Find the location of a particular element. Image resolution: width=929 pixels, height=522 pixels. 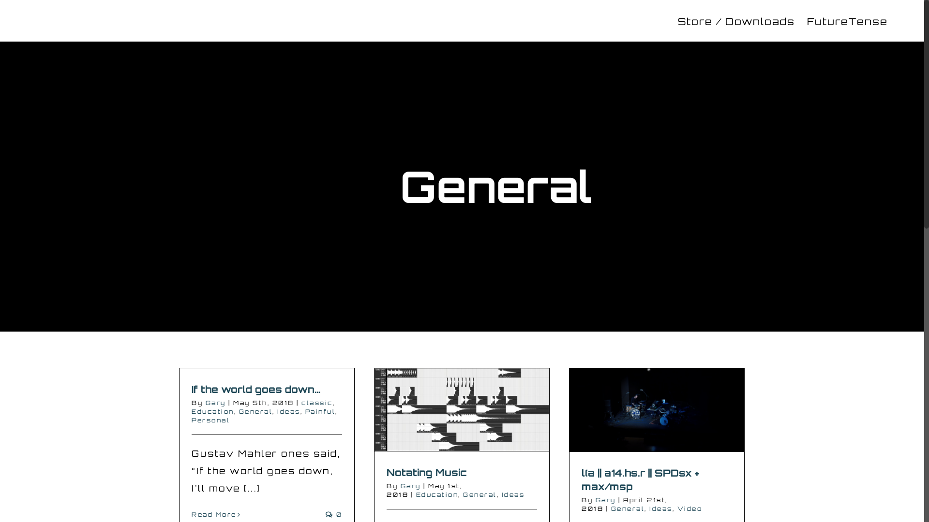

'Notating Music' is located at coordinates (426, 472).